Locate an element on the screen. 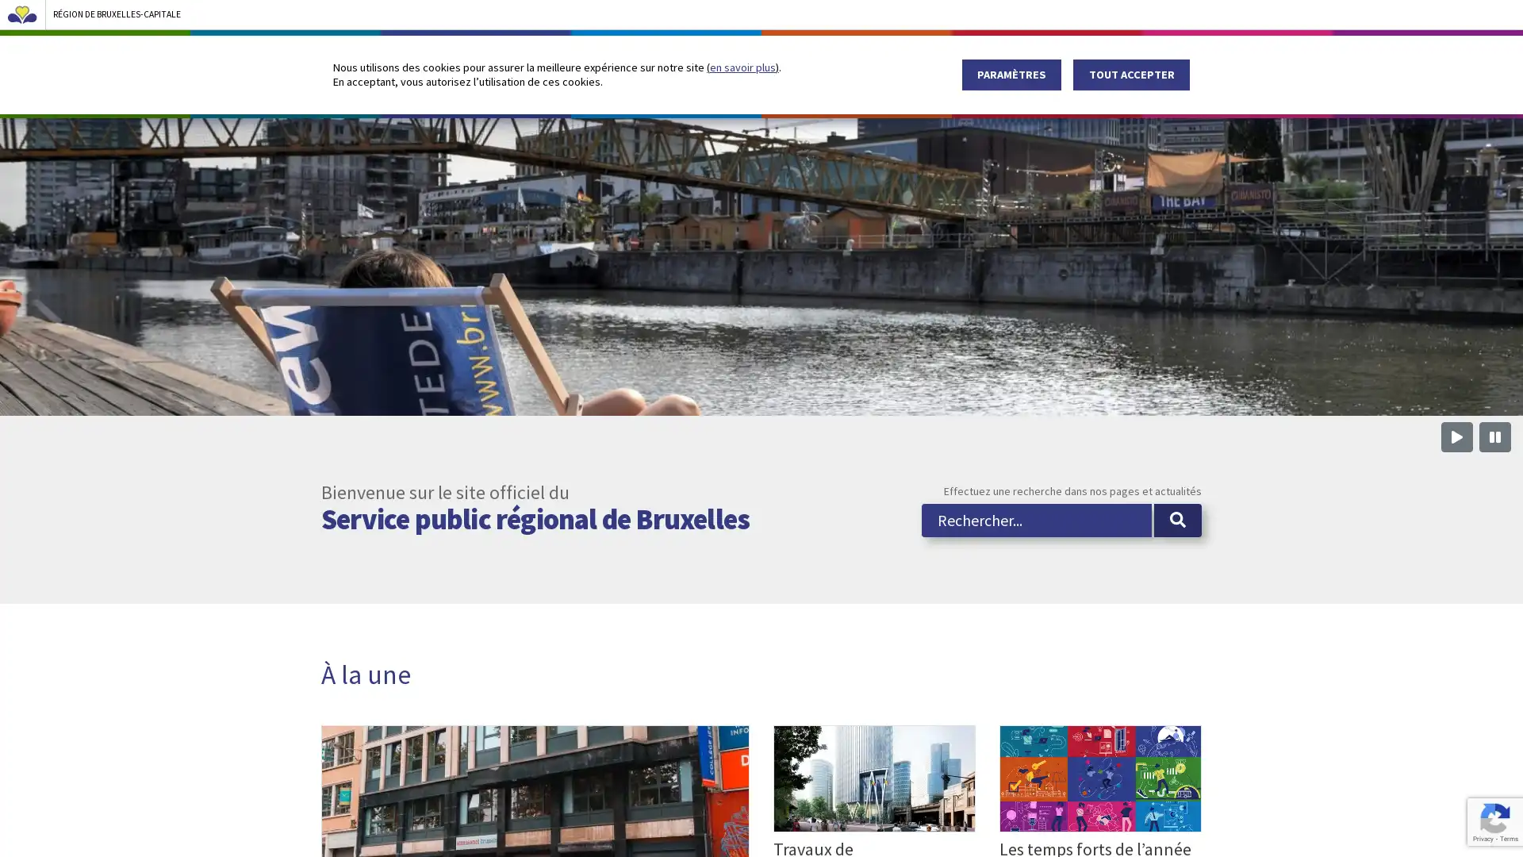 The width and height of the screenshot is (1523, 857). TOUT ACCEPTER is located at coordinates (1130, 74).